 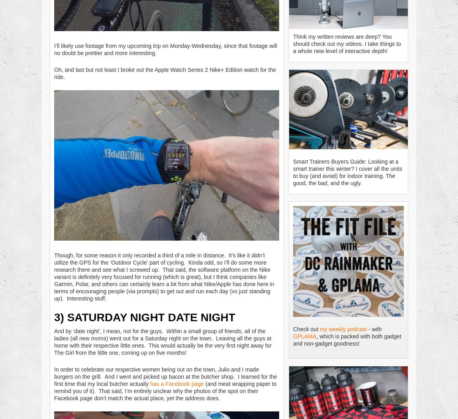 What do you see at coordinates (177, 383) in the screenshot?
I see `'has a Facebook page'` at bounding box center [177, 383].